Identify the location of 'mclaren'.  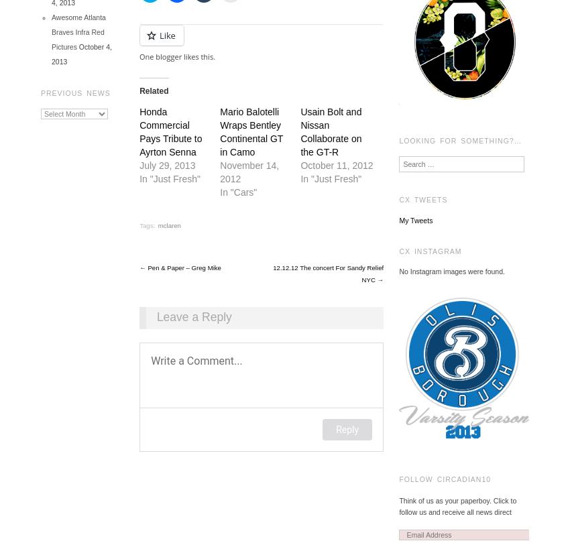
(169, 225).